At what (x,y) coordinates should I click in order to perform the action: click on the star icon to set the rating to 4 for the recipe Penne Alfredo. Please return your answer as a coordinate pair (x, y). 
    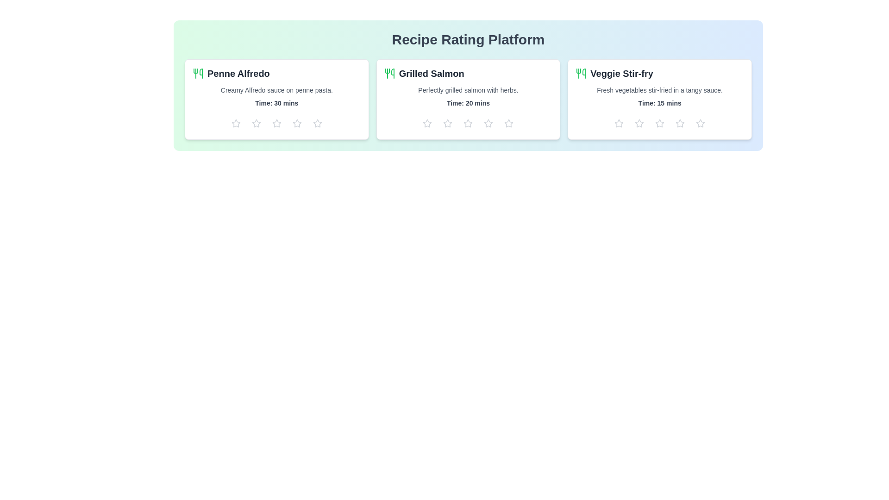
    Looking at the image, I should click on (297, 123).